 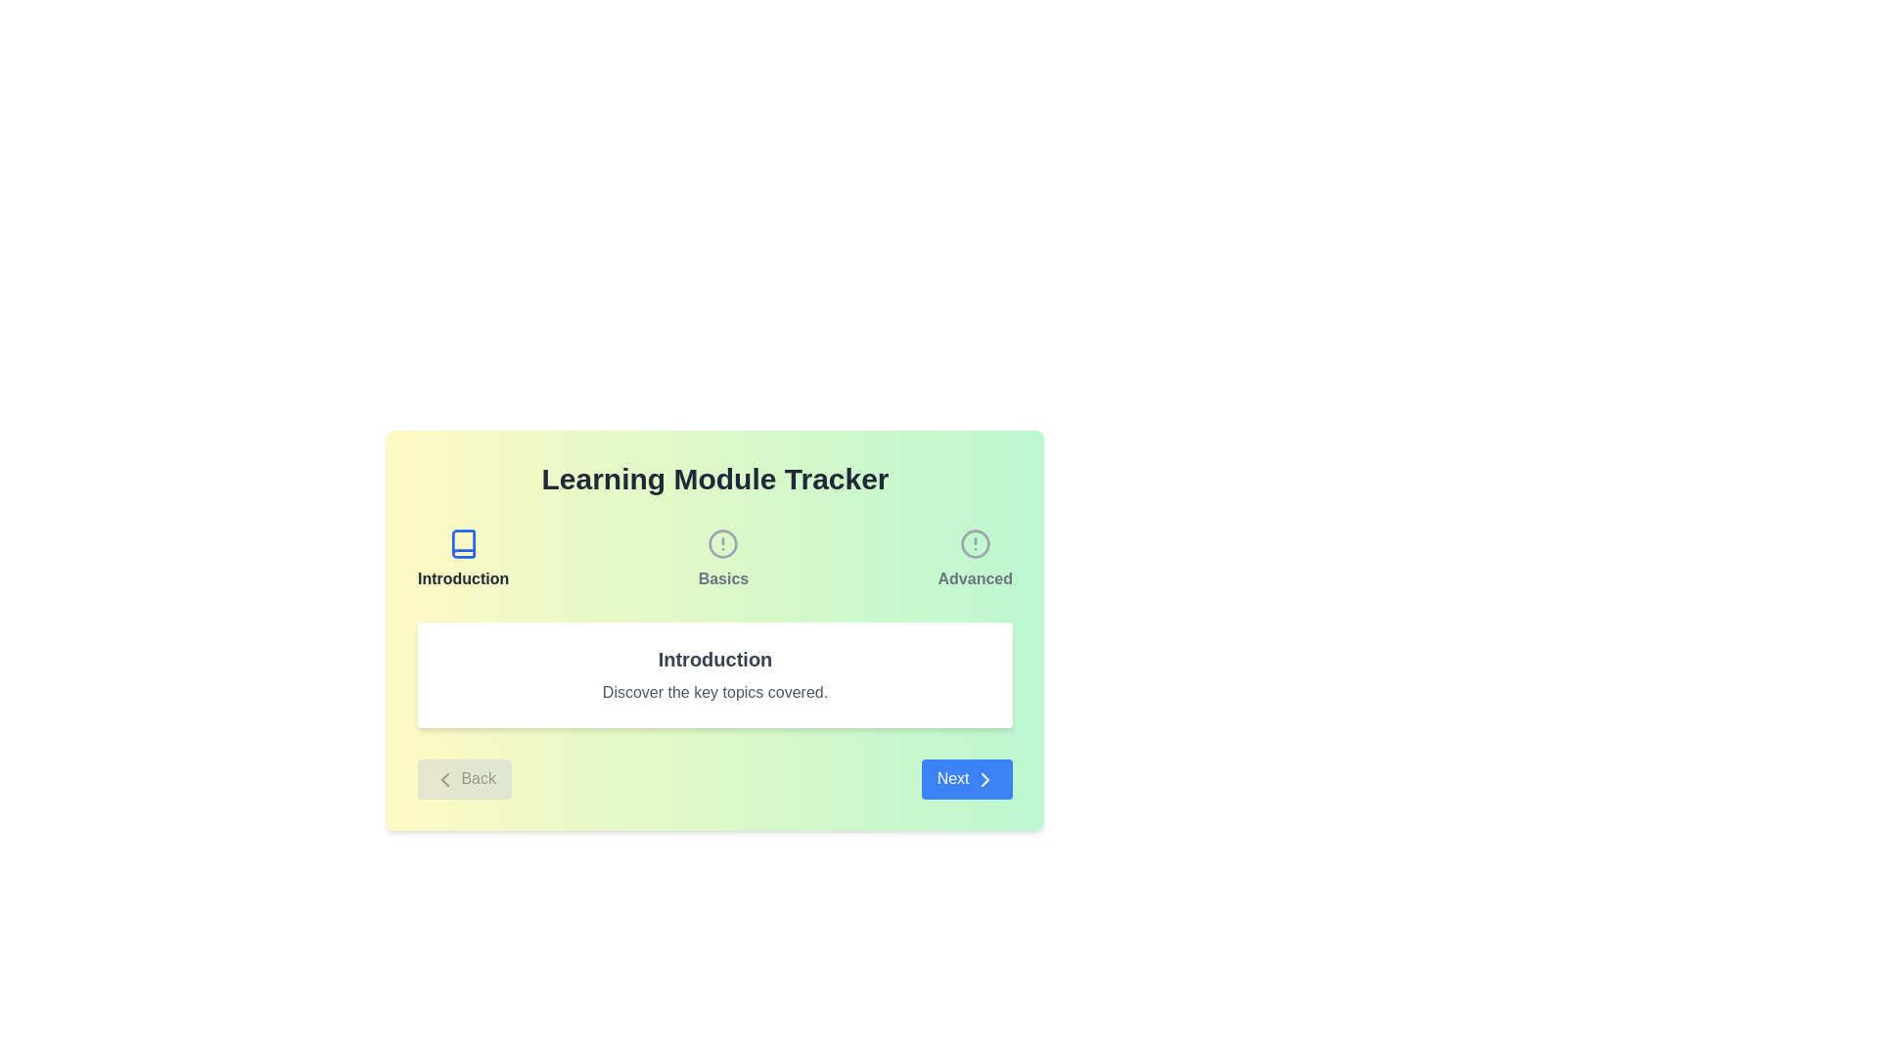 I want to click on the circular graphical element within the 'Basics' icon, which is centrally located among the three horizontally arranged icons in the interface, so click(x=722, y=543).